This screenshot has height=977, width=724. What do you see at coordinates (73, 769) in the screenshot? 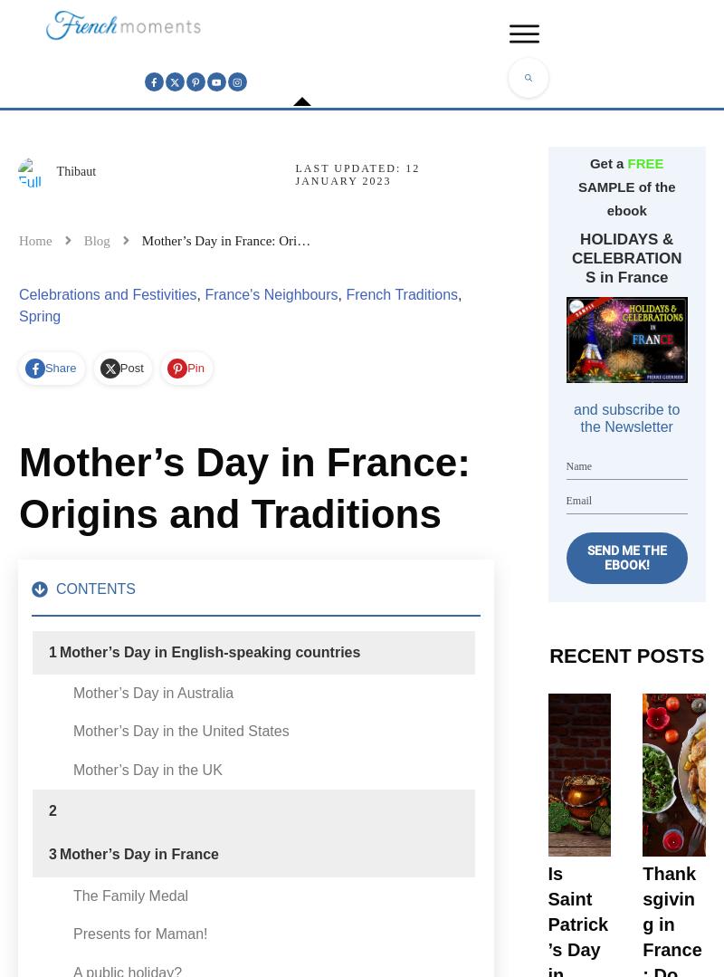
I see `'Mother’s Day in the UK'` at bounding box center [73, 769].